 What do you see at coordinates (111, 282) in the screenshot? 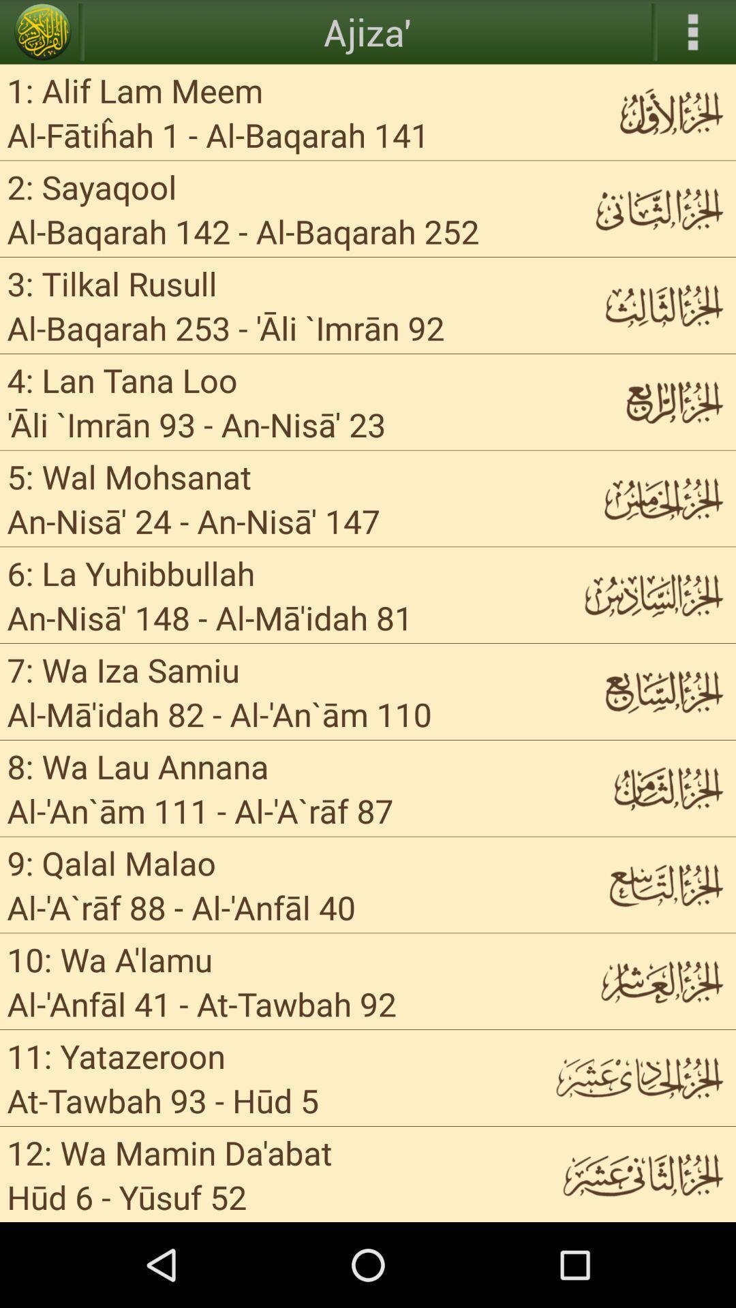
I see `the 3: tilkal rusull item` at bounding box center [111, 282].